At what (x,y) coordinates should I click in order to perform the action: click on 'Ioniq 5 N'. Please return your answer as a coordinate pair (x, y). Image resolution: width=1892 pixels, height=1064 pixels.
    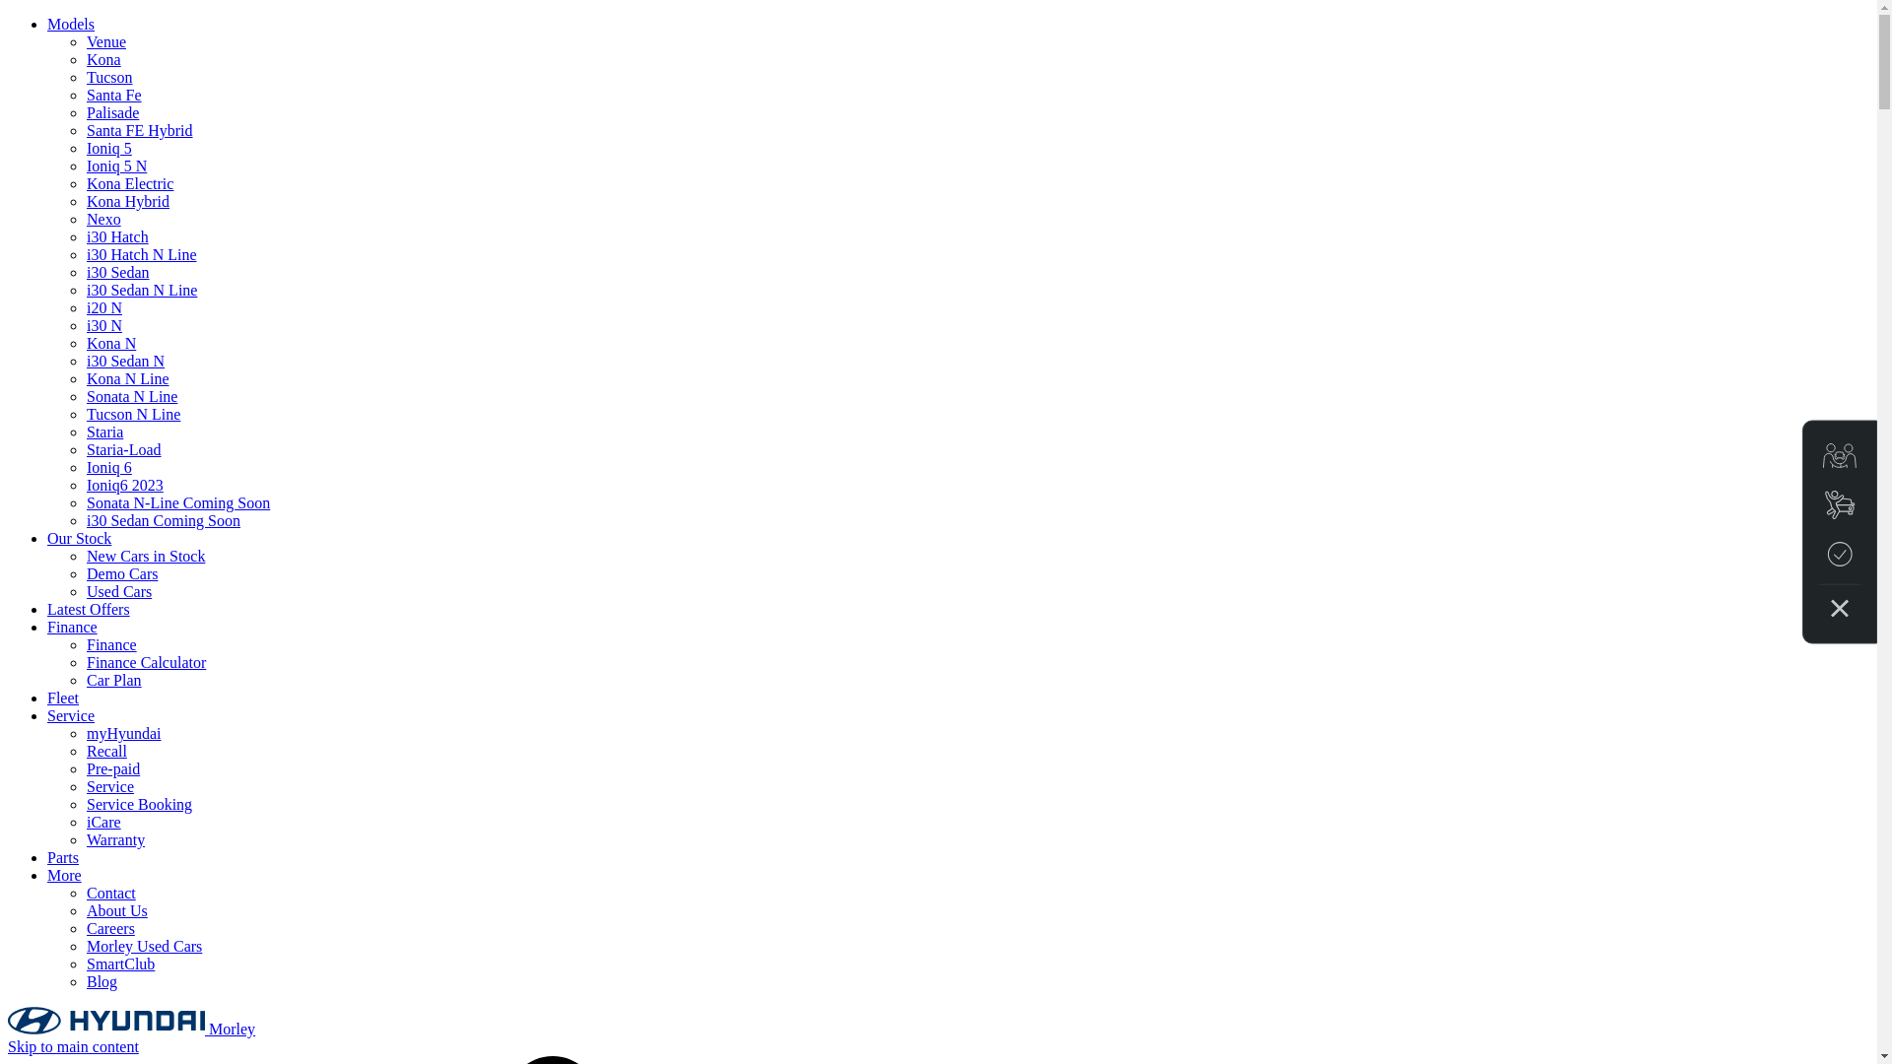
    Looking at the image, I should click on (115, 165).